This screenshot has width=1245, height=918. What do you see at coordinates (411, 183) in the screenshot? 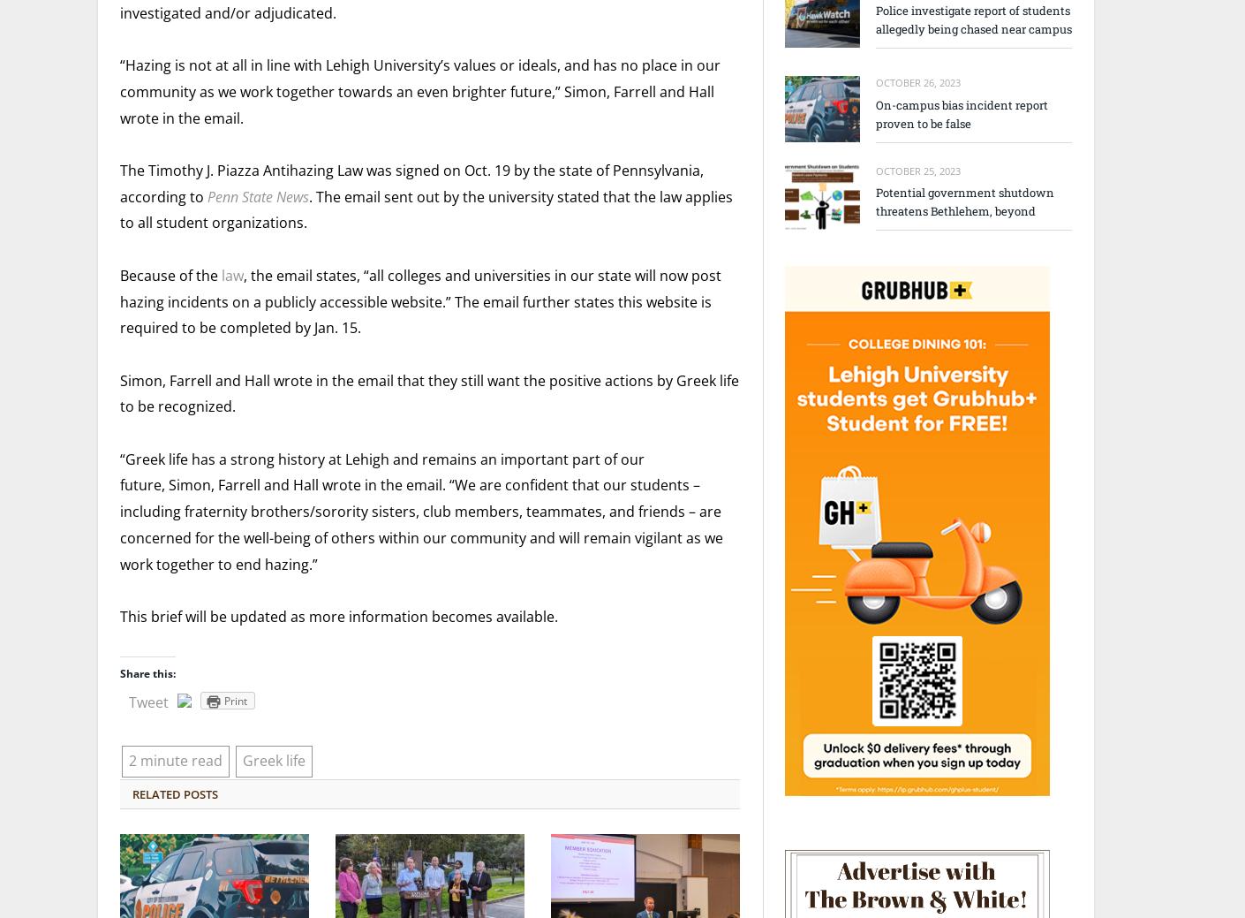
I see `'The Timothy J. Piazza Antihazing Law was signed on Oct. 19 by the state of Pennsylvania, according to'` at bounding box center [411, 183].